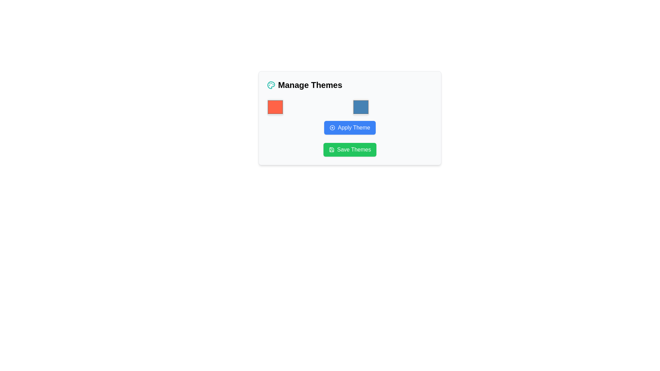  What do you see at coordinates (350, 149) in the screenshot?
I see `the 'Save' button located at the bottom of the 'Manage Themes' section` at bounding box center [350, 149].